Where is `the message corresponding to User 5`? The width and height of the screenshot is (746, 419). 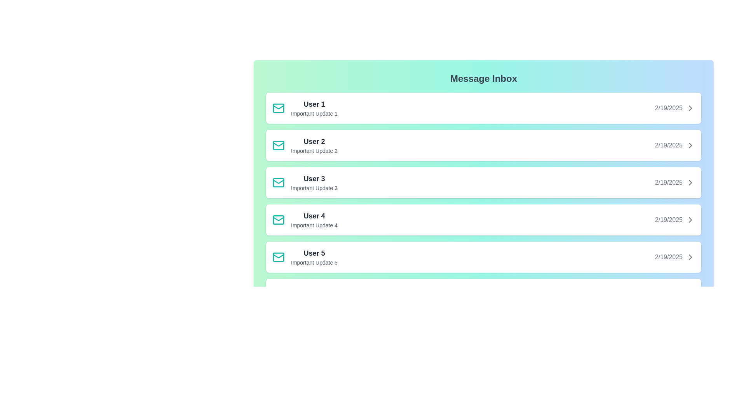
the message corresponding to User 5 is located at coordinates (483, 257).